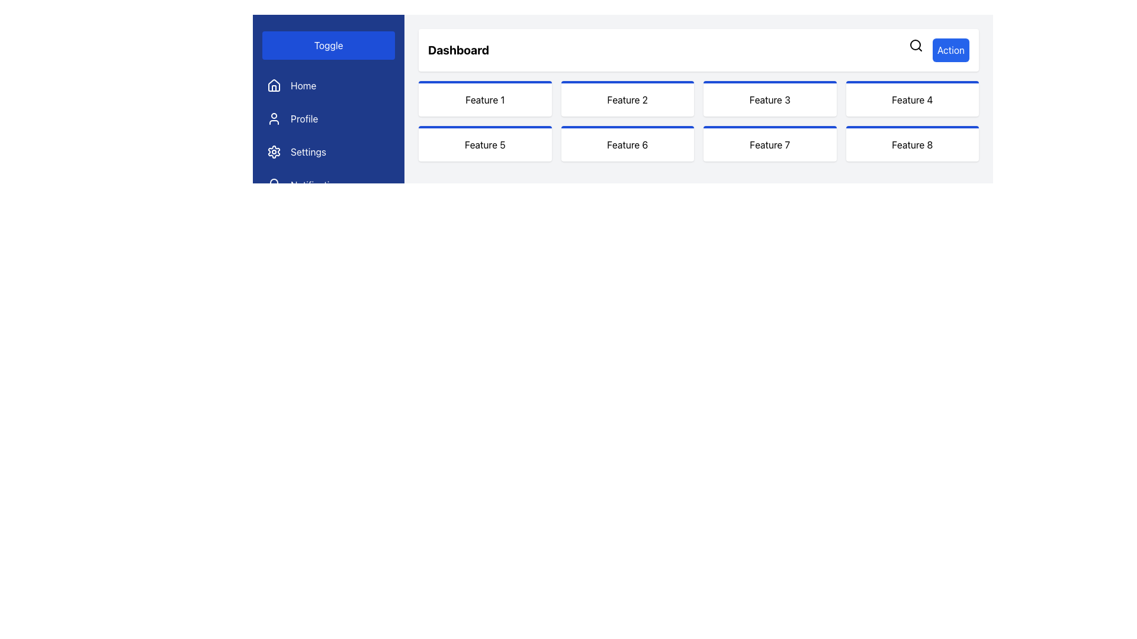  Describe the element at coordinates (770, 98) in the screenshot. I see `the clickable area for the feature labeled 'Feature 3', which is the third item in the first row of the grid layout` at that location.